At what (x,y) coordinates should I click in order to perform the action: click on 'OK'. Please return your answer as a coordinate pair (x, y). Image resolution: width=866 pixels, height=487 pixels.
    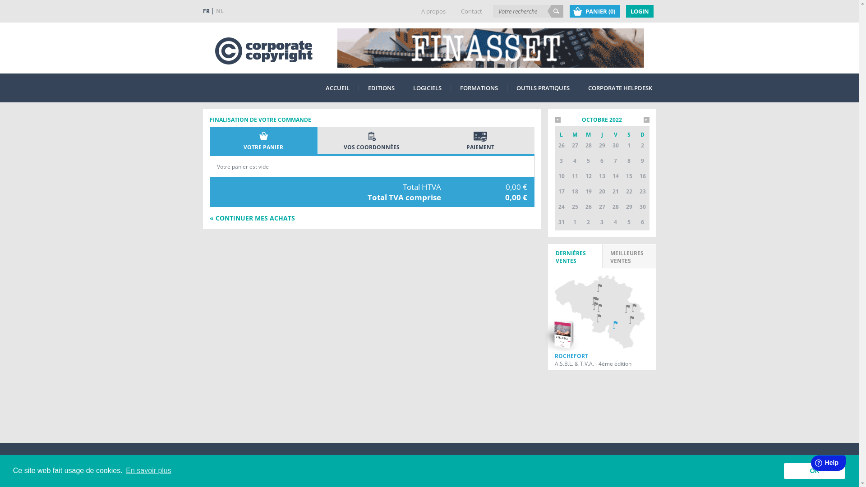
    Looking at the image, I should click on (814, 470).